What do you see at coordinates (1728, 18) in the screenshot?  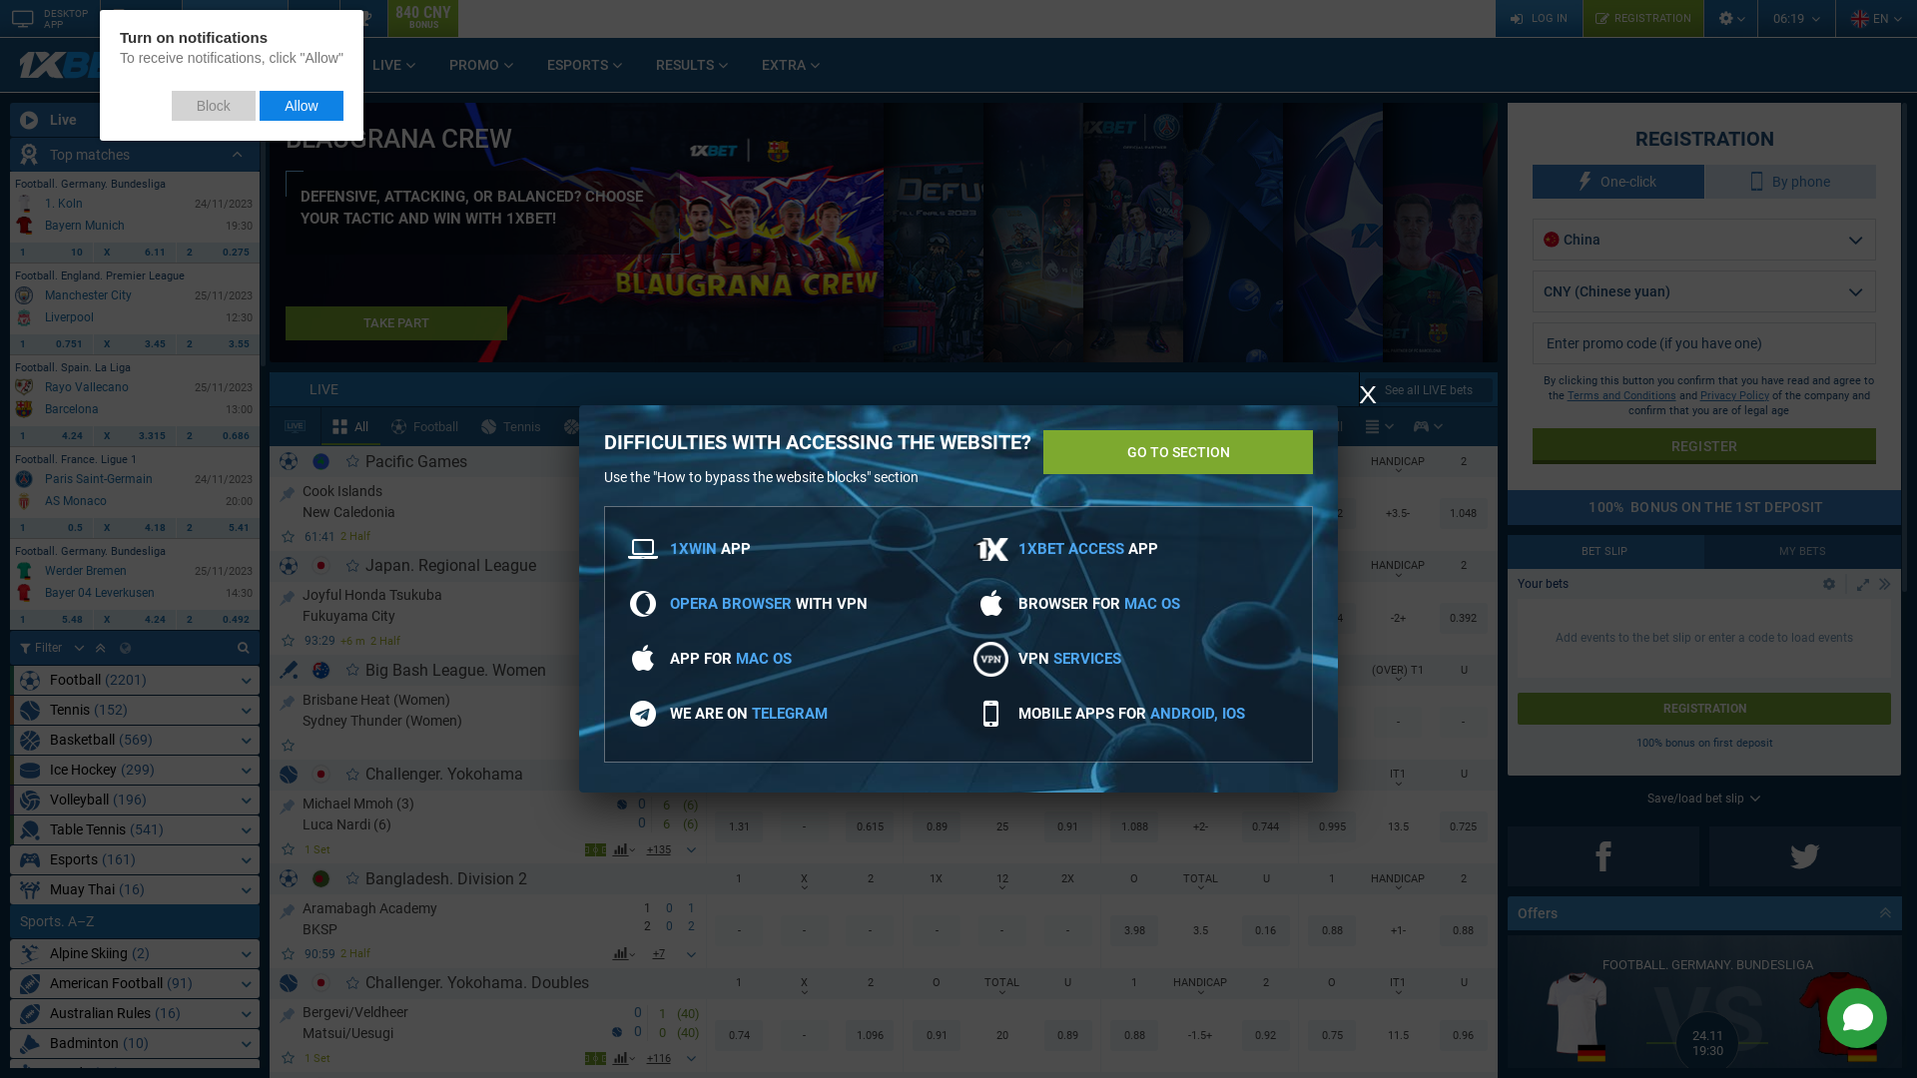 I see `'Settings'` at bounding box center [1728, 18].